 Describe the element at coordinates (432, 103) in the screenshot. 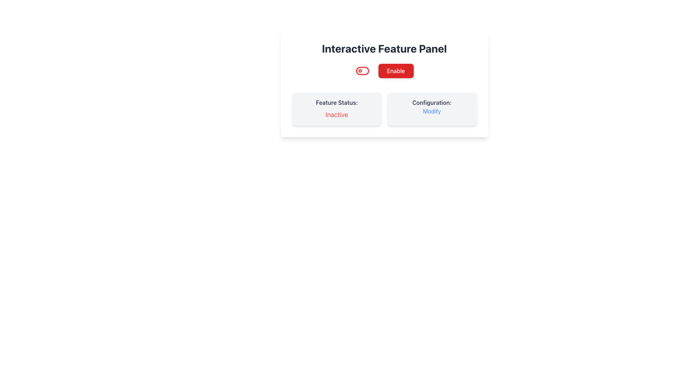

I see `the label located in the upper part of the bottom-right panel, which indicates the function or context of the adjacent 'Modify' link` at that location.